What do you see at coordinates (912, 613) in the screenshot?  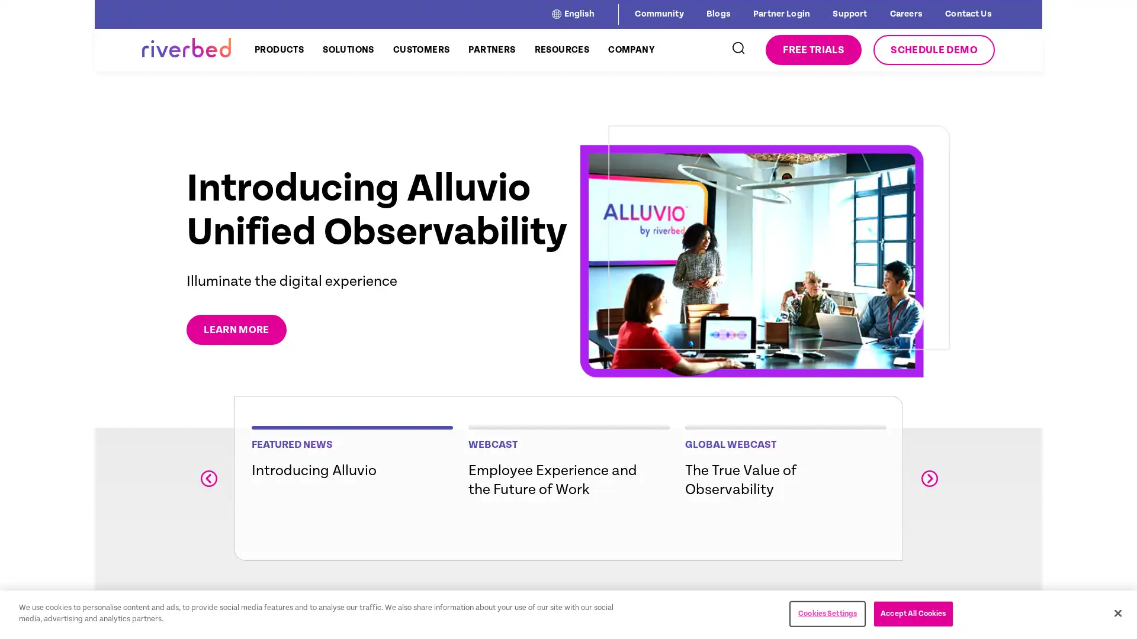 I see `Accept All Cookies` at bounding box center [912, 613].